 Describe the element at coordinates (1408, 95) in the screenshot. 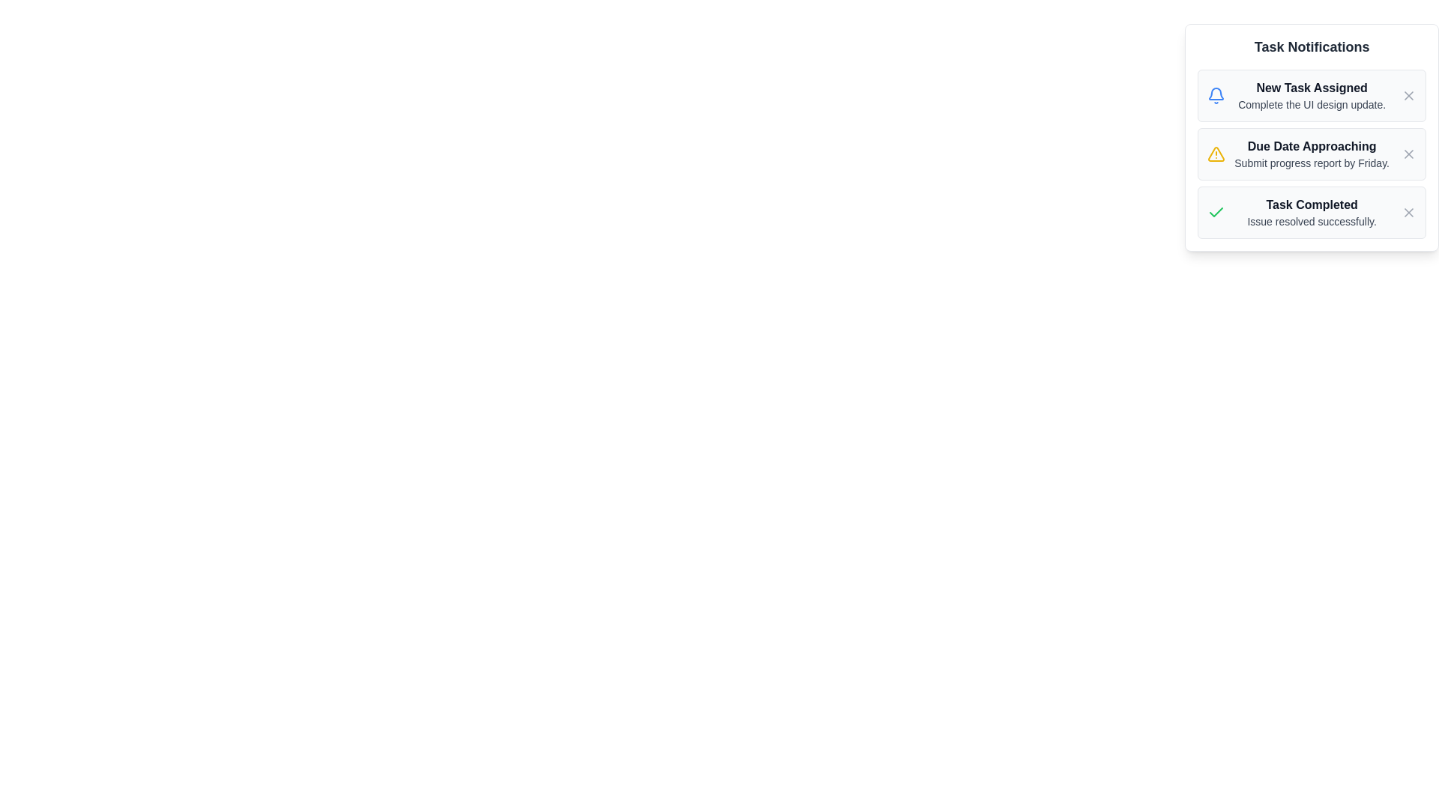

I see `the 'X' icon in the top-right corner of the notification panel` at that location.